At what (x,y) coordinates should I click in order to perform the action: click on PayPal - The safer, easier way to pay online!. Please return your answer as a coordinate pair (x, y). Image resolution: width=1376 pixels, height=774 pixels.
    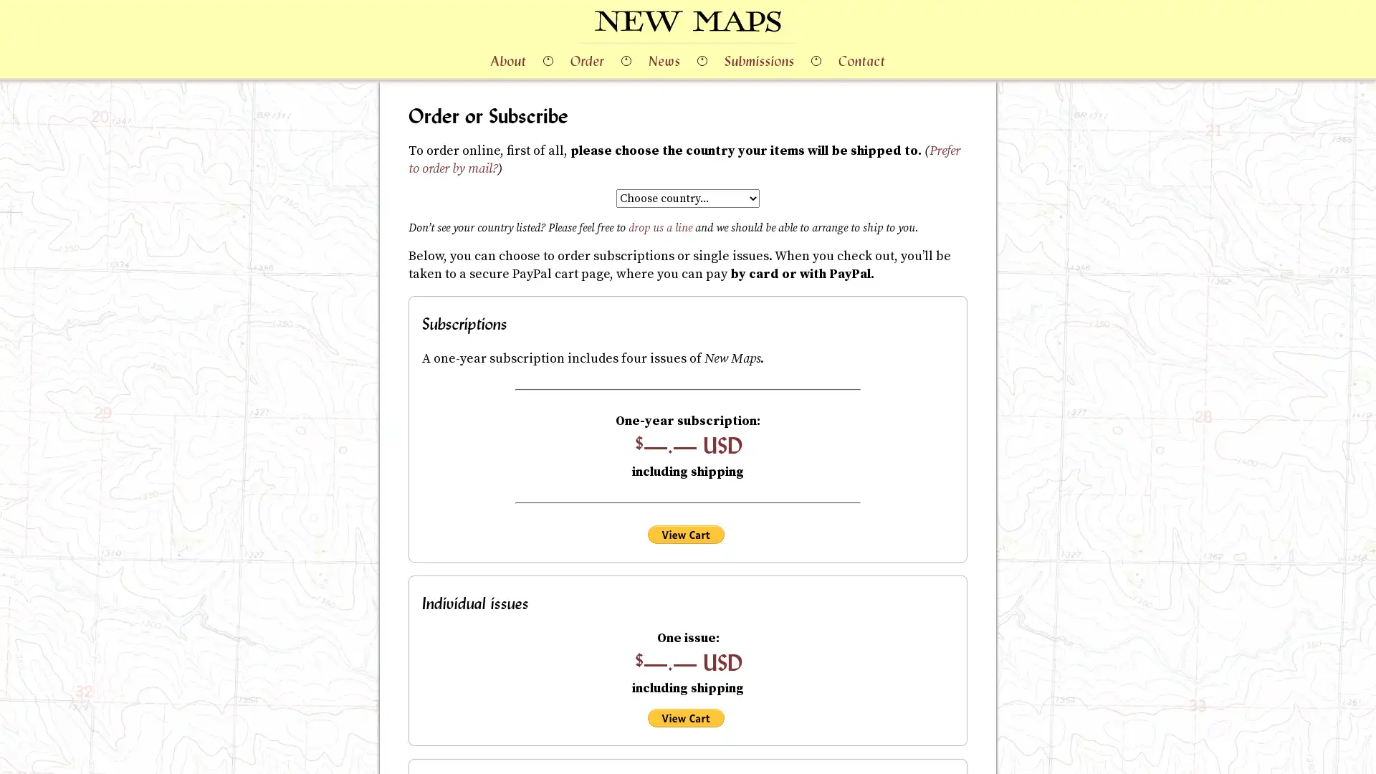
    Looking at the image, I should click on (685, 533).